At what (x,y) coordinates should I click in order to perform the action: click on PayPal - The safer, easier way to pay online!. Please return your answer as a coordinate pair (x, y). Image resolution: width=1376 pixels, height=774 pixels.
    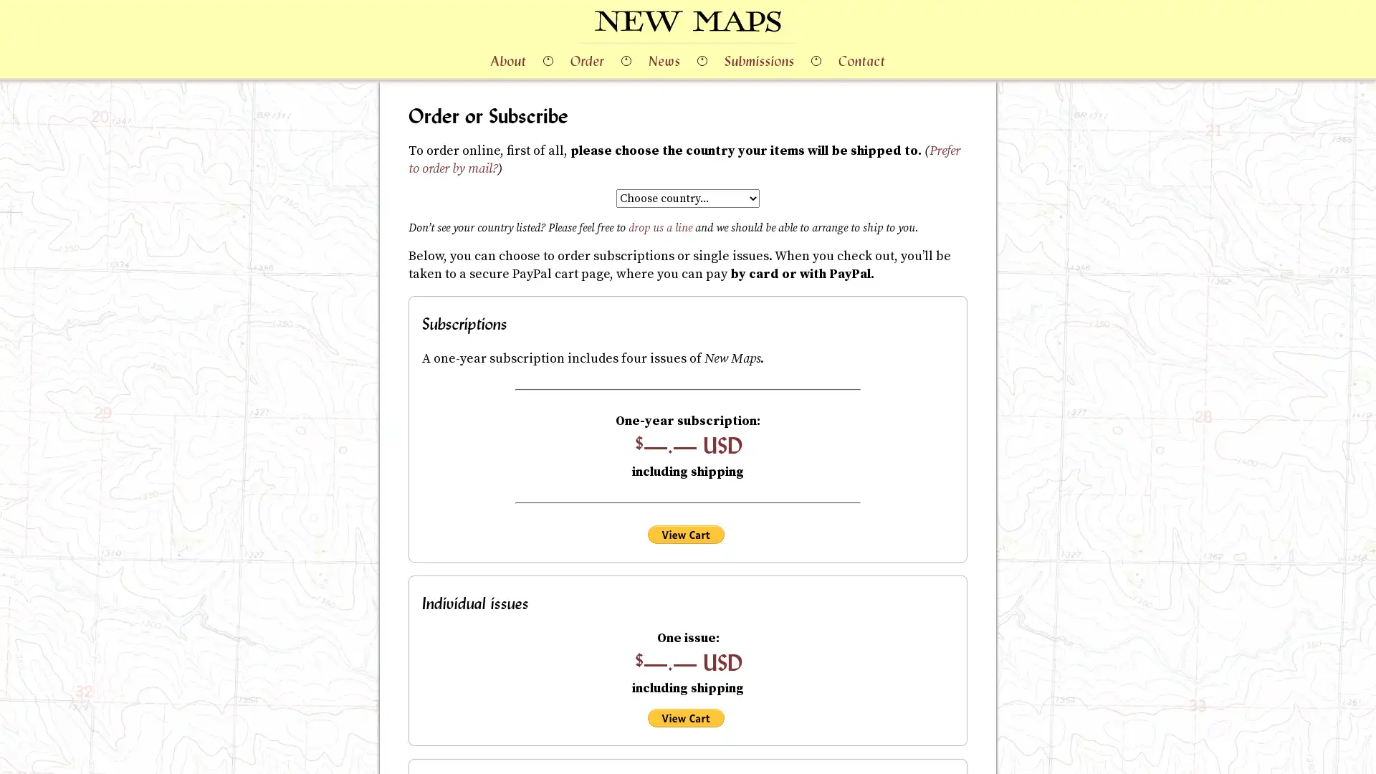
    Looking at the image, I should click on (685, 533).